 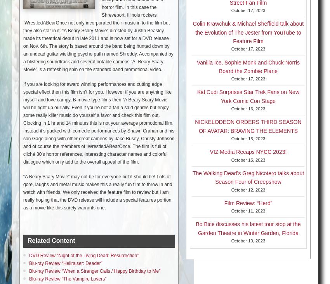 I want to click on 'Bo Bice discusses his latest tour stop at the Garden Theatre in Winter Garden, Florida', so click(x=248, y=228).